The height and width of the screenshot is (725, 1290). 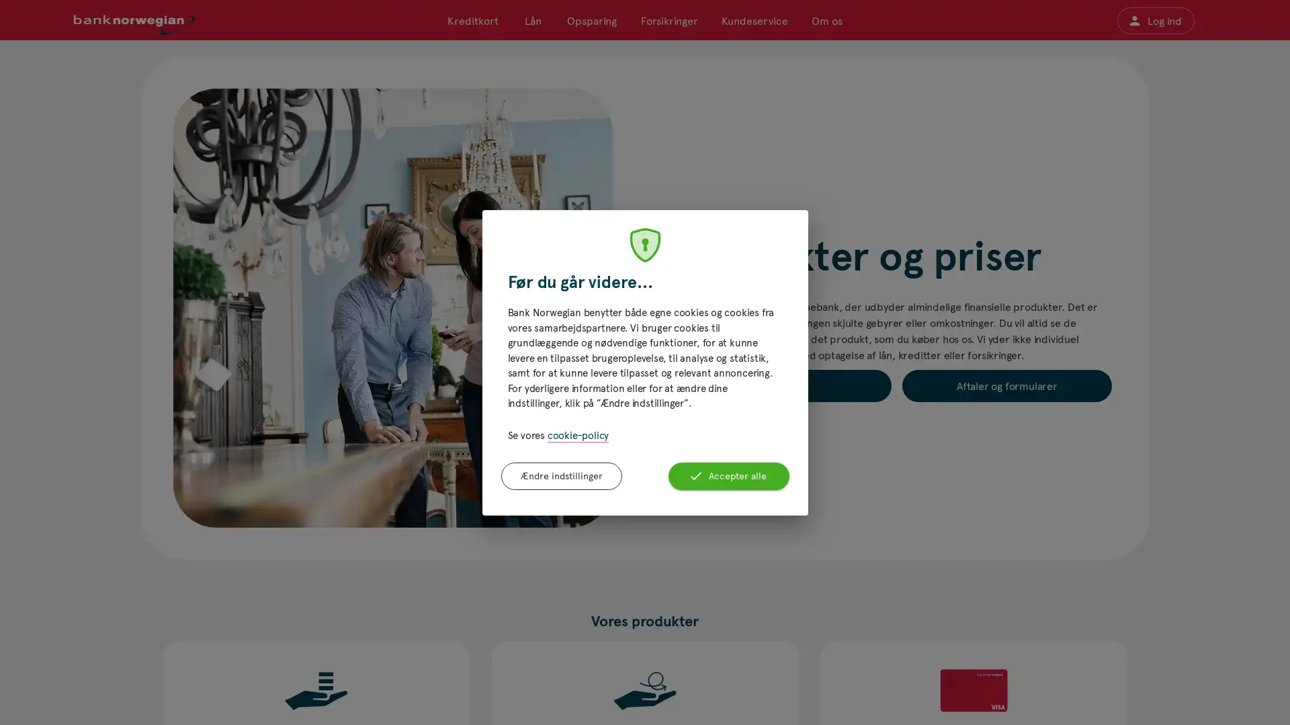 What do you see at coordinates (561, 475) in the screenshot?
I see `ndre indstillinger` at bounding box center [561, 475].